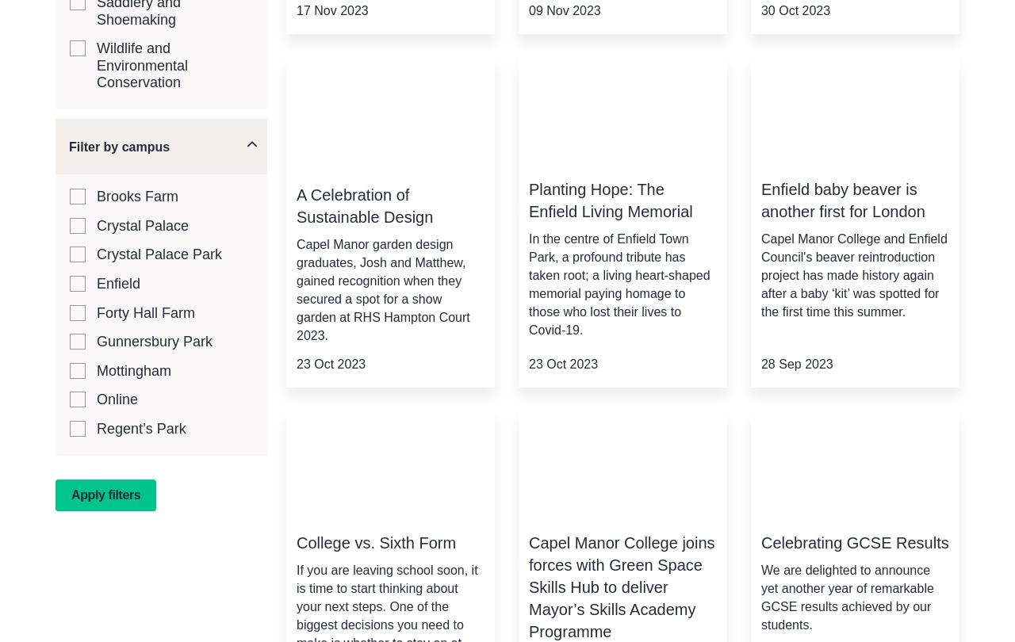  What do you see at coordinates (796, 363) in the screenshot?
I see `'28 Sep 2023'` at bounding box center [796, 363].